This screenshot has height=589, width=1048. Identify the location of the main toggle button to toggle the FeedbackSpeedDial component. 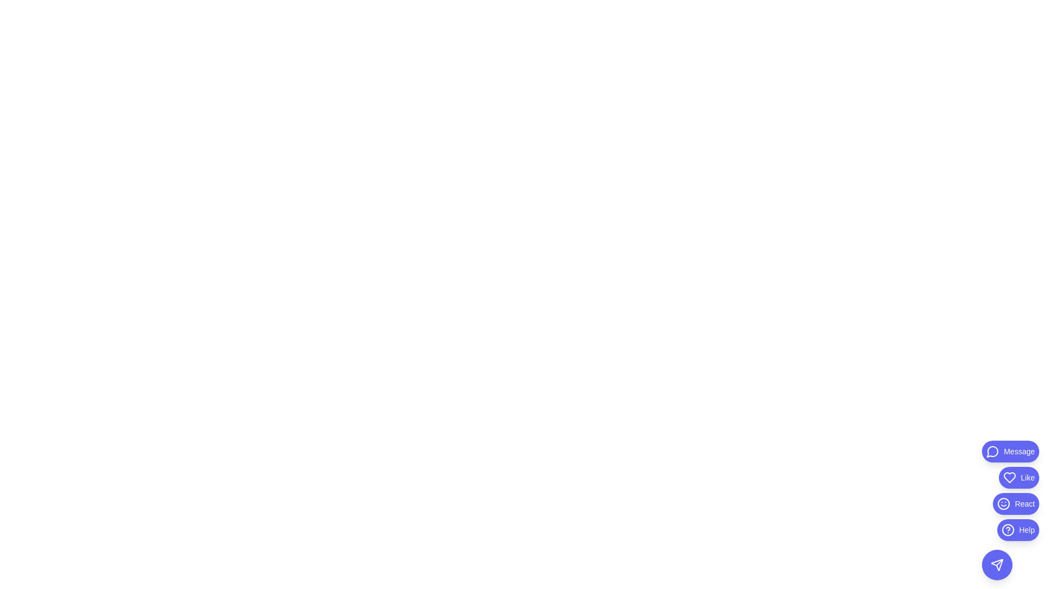
(997, 564).